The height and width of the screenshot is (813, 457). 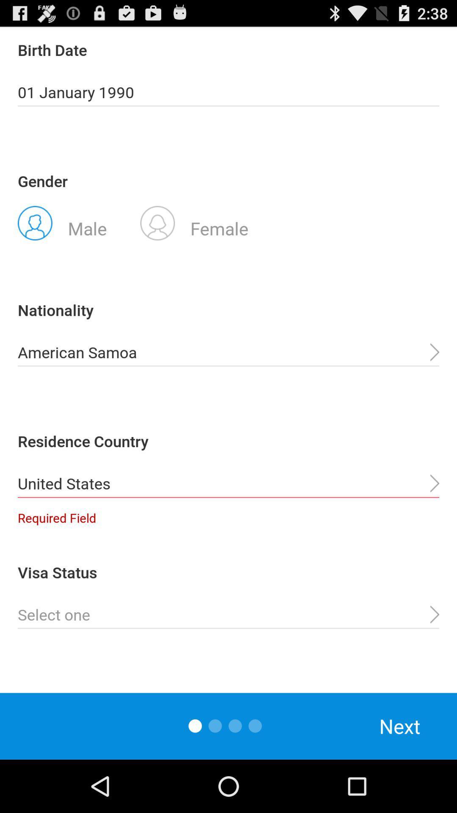 What do you see at coordinates (228, 92) in the screenshot?
I see `the 01 january 1990 icon` at bounding box center [228, 92].